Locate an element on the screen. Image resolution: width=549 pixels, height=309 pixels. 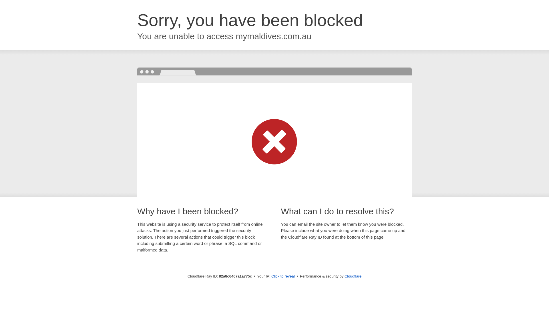
'Cloudflare' is located at coordinates (353, 276).